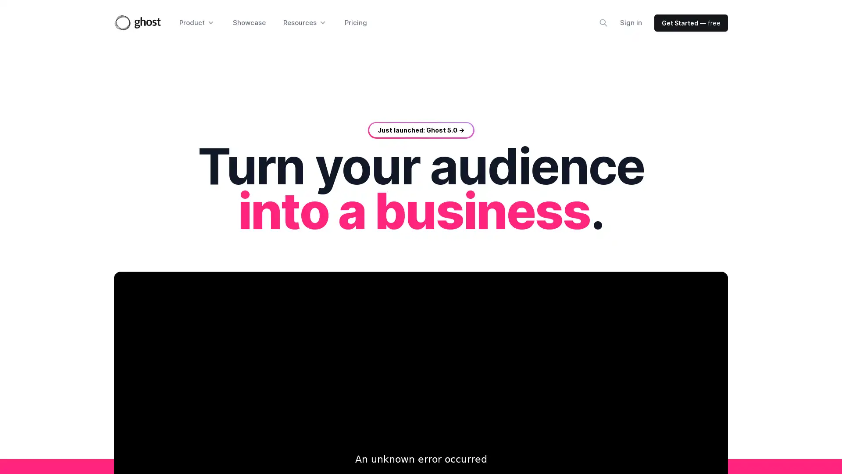 The width and height of the screenshot is (842, 474). I want to click on Search, so click(603, 22).